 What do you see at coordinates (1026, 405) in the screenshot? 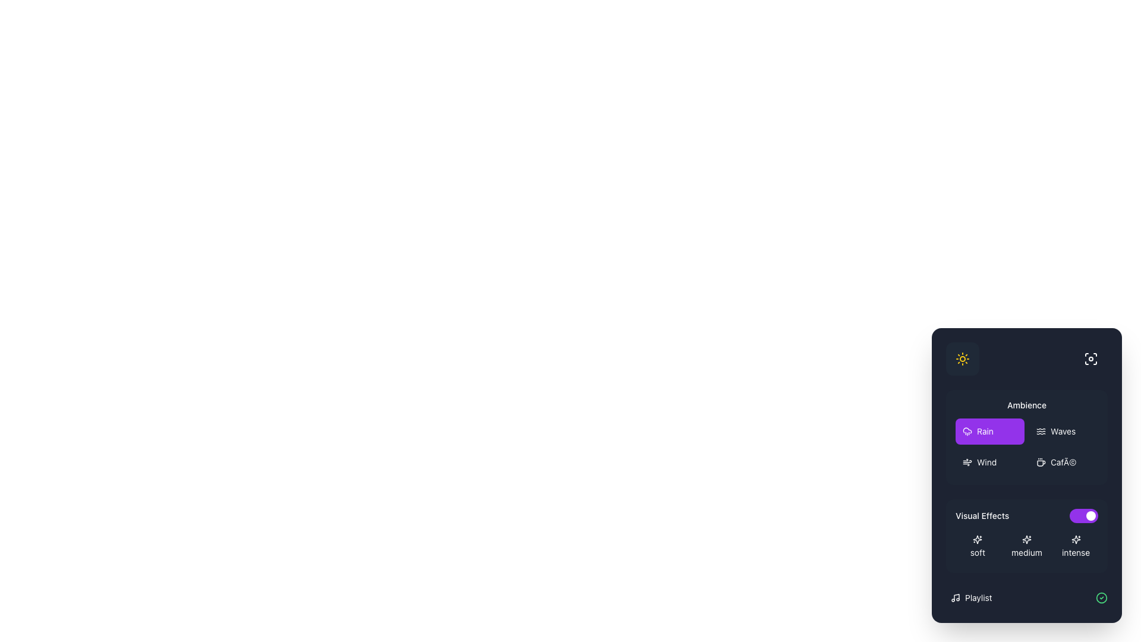
I see `the static text label reading 'Ambience' which is centered above the options 'Rain' and 'Waves'` at bounding box center [1026, 405].